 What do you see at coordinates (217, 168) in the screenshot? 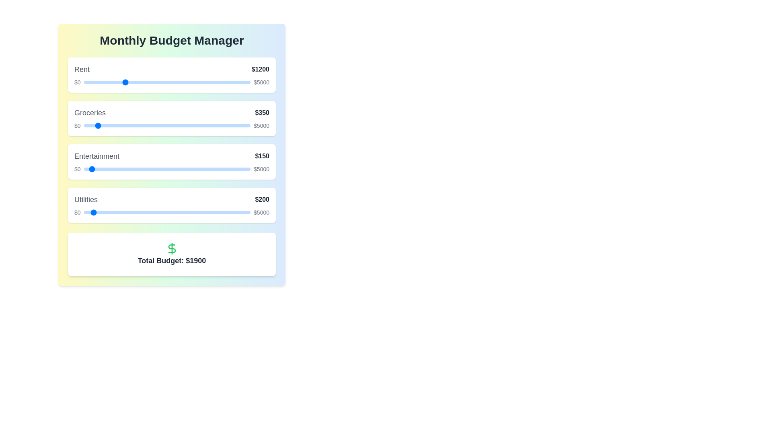
I see `the entertainment budget slider` at bounding box center [217, 168].